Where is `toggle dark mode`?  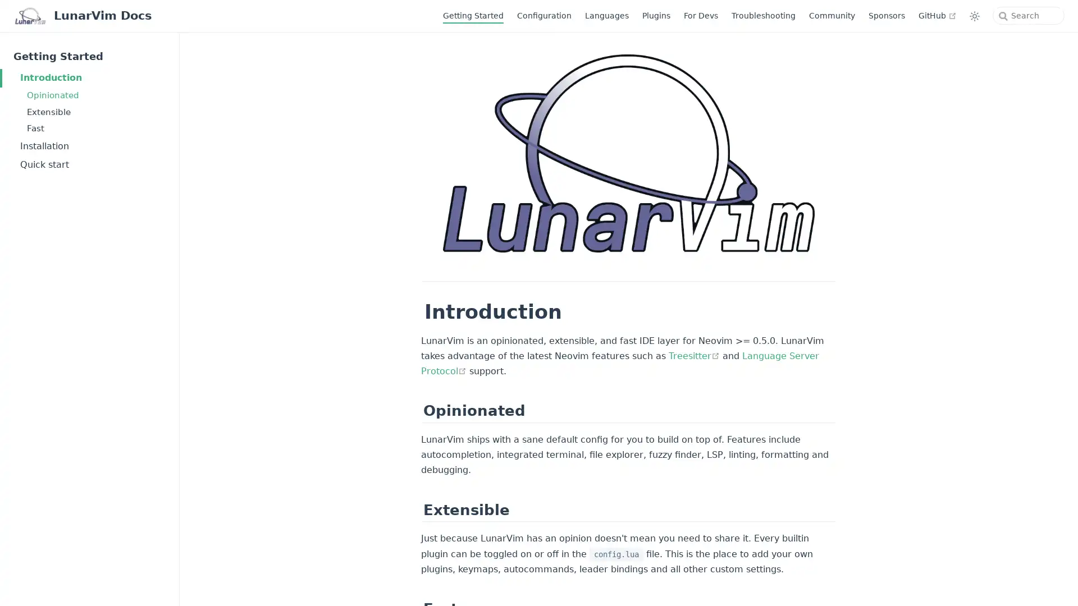 toggle dark mode is located at coordinates (974, 15).